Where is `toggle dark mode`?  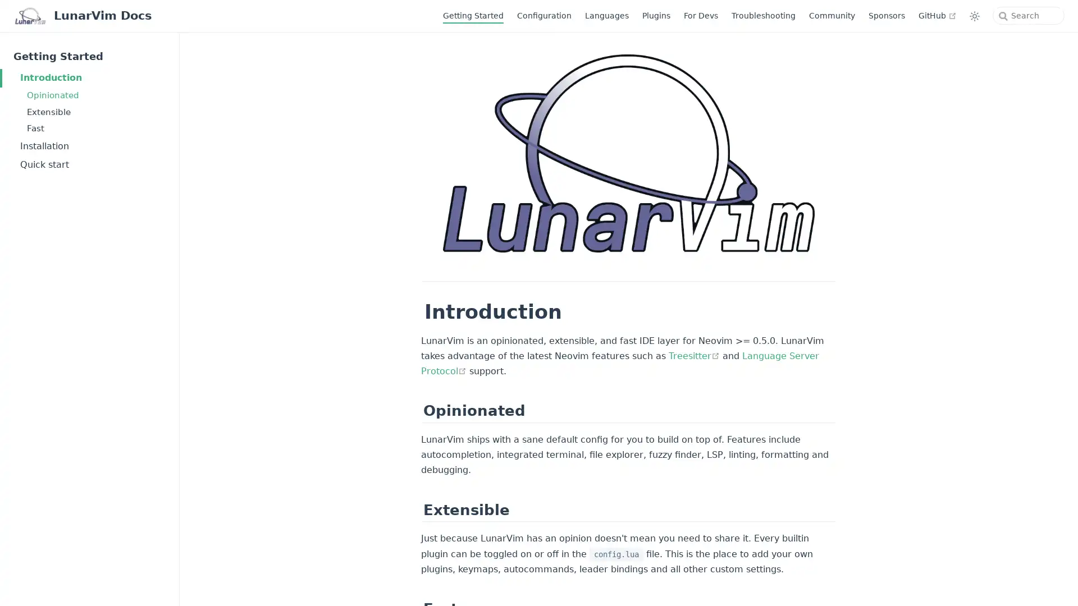 toggle dark mode is located at coordinates (974, 15).